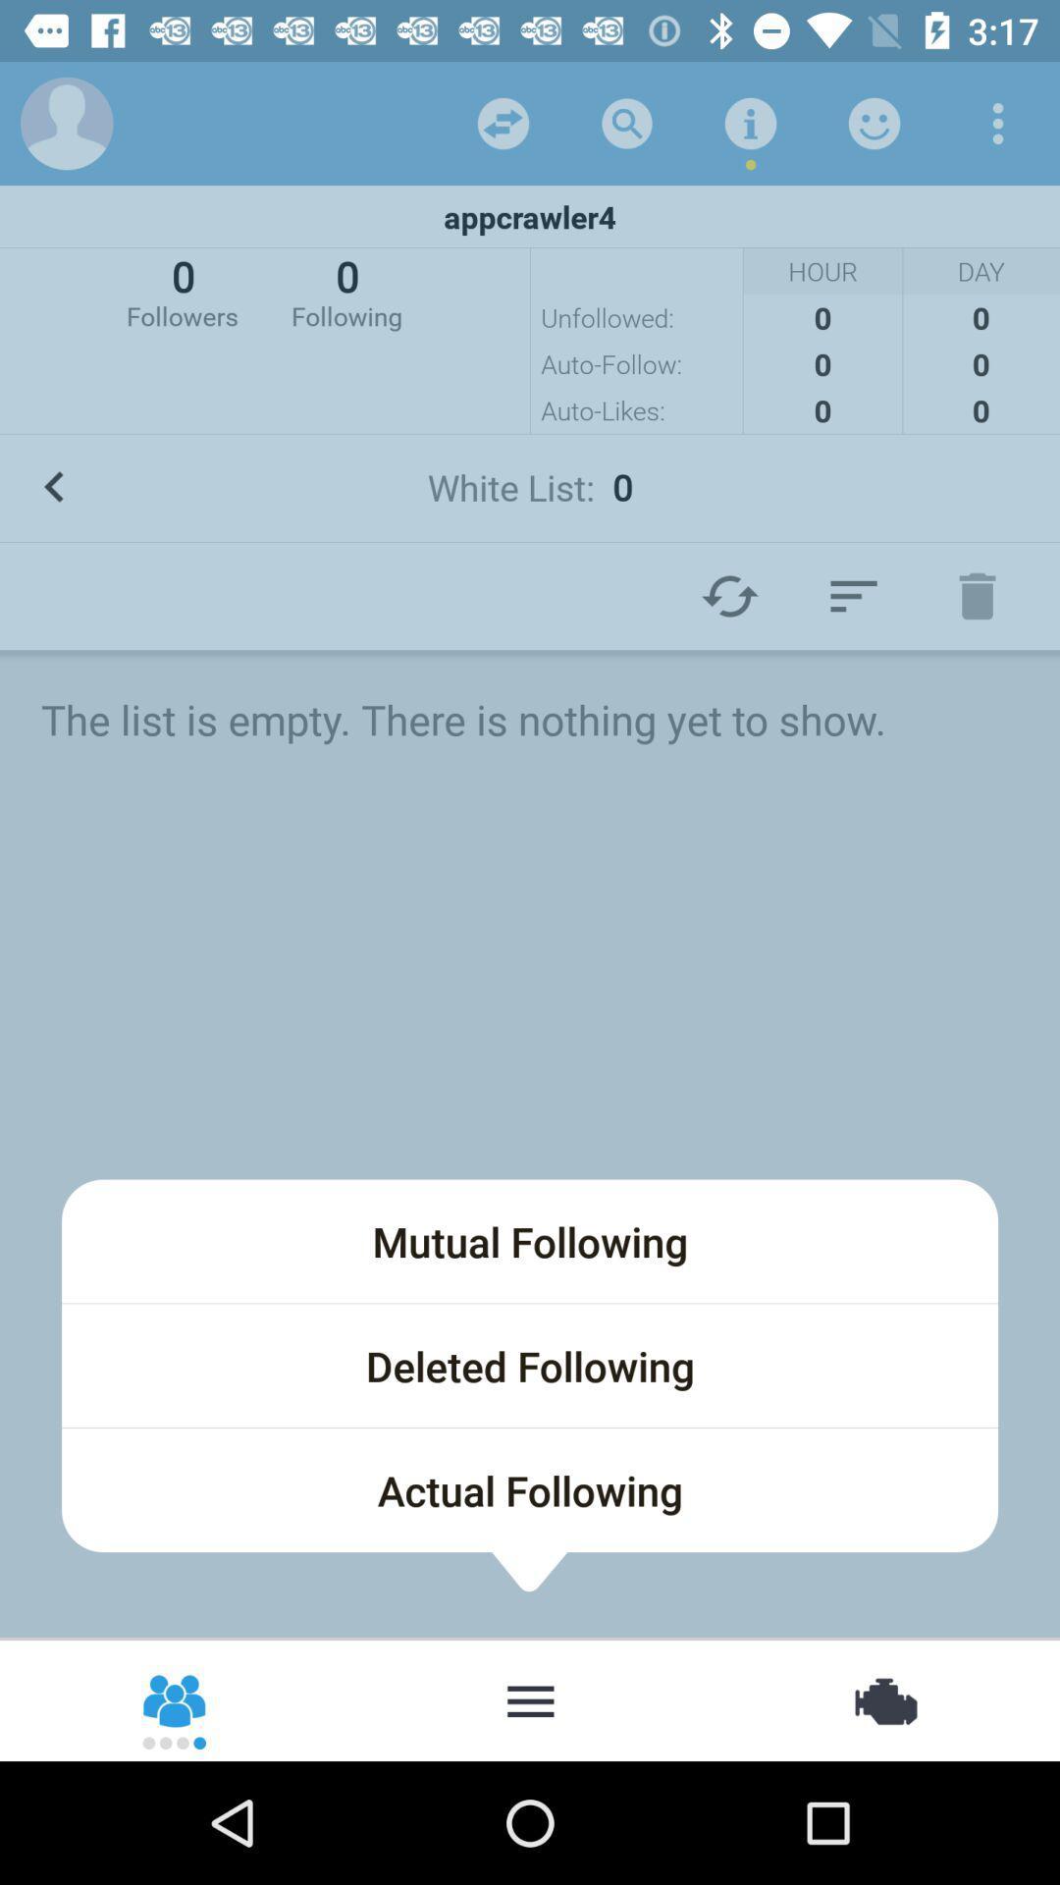 The height and width of the screenshot is (1885, 1060). Describe the element at coordinates (977, 595) in the screenshot. I see `the delete icon` at that location.